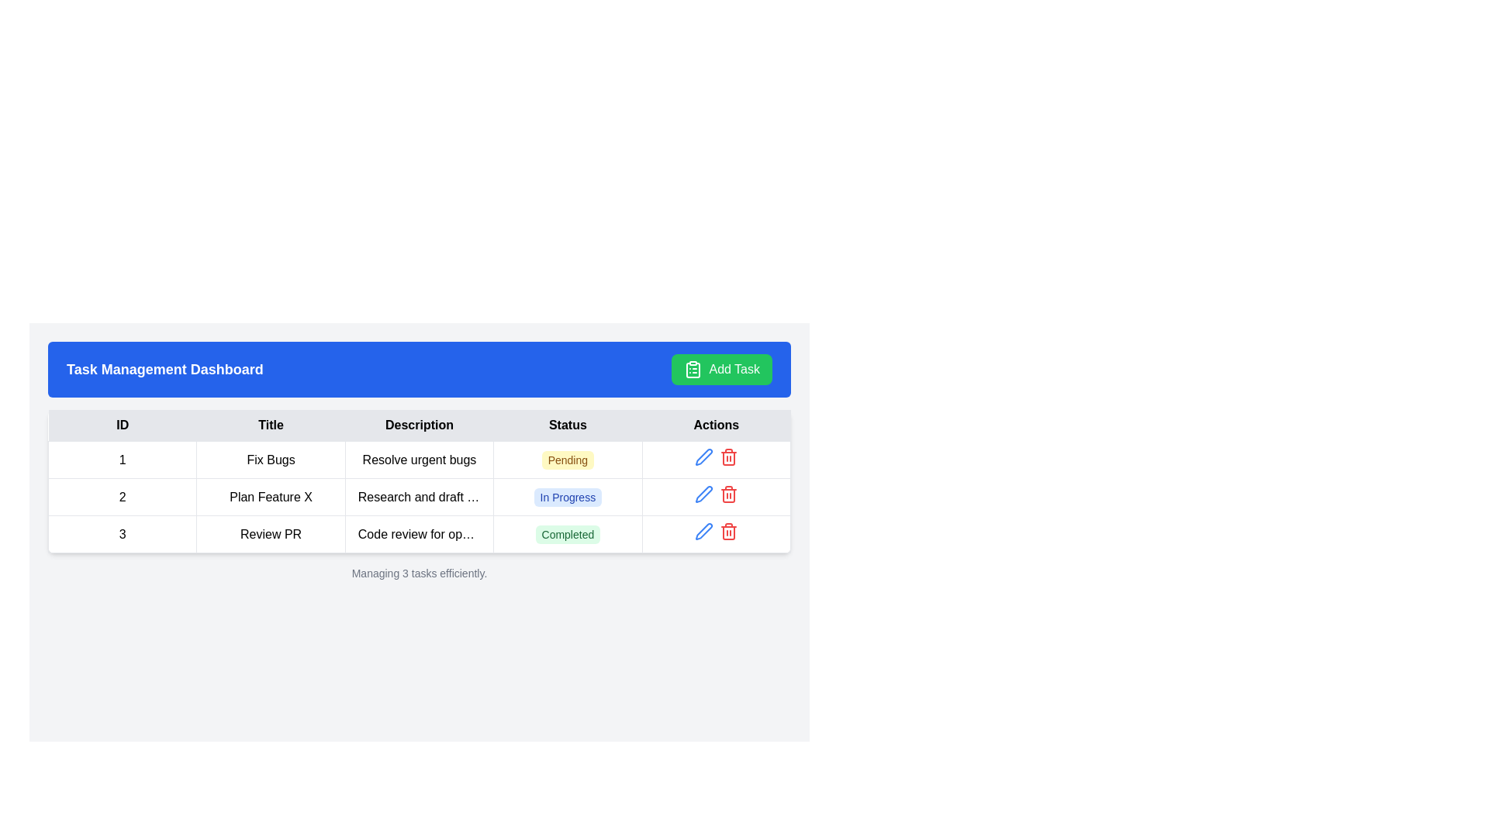  I want to click on the table cell in the 'ID' column of the second row, which serves as a unique identifier for the associated task data, so click(122, 497).